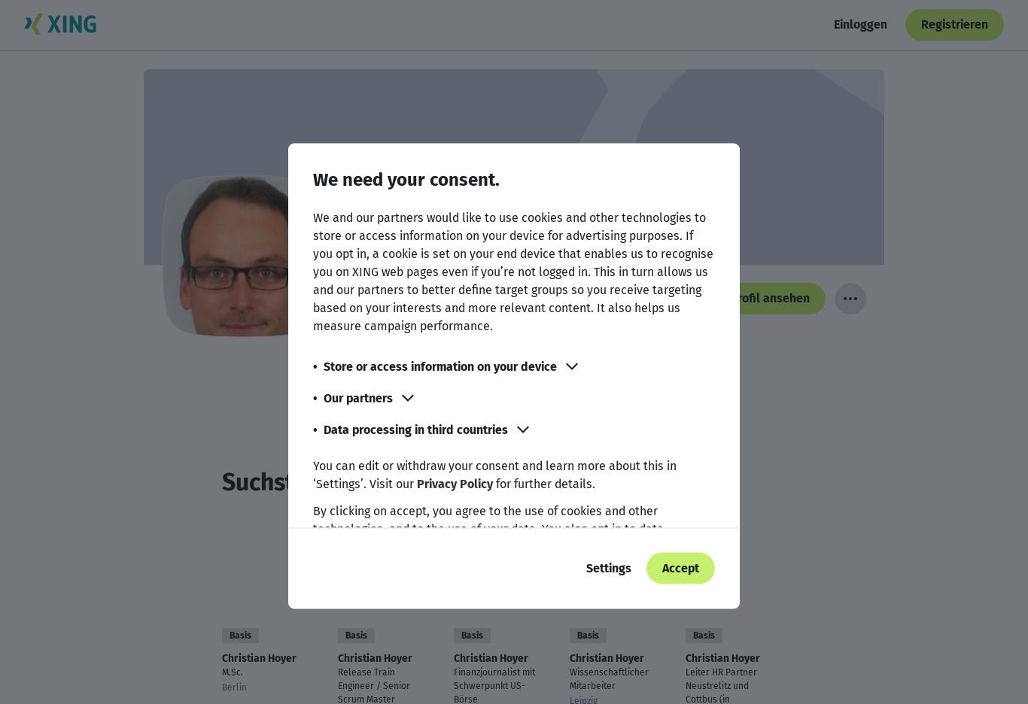 This screenshot has width=1028, height=704. Describe the element at coordinates (953, 23) in the screenshot. I see `'Registrieren'` at that location.